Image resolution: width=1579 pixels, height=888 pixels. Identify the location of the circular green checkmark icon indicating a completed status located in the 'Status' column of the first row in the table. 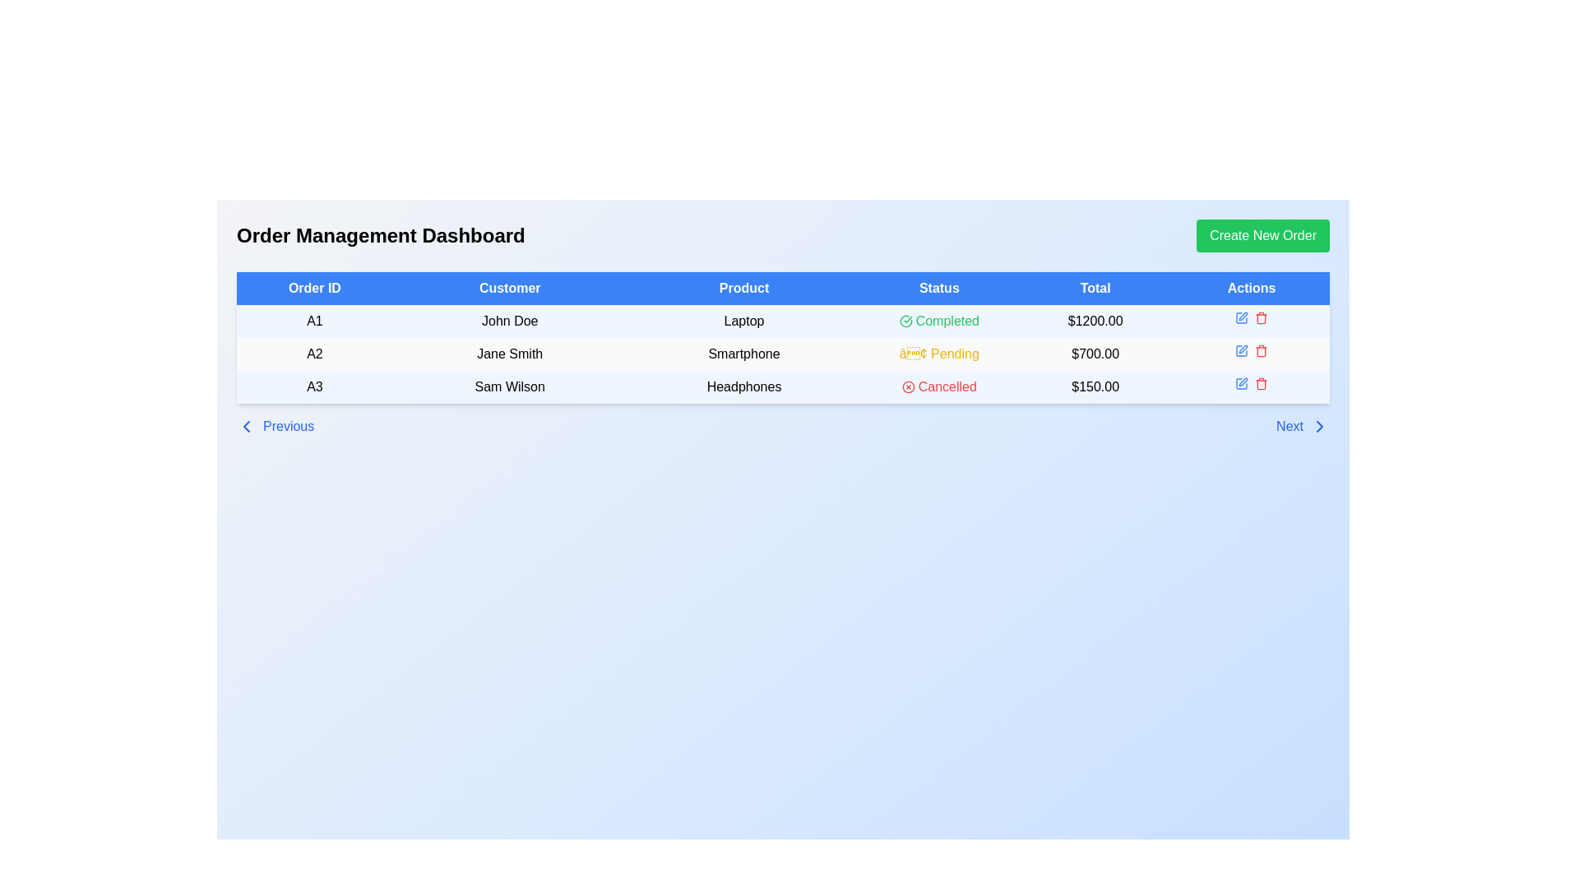
(905, 321).